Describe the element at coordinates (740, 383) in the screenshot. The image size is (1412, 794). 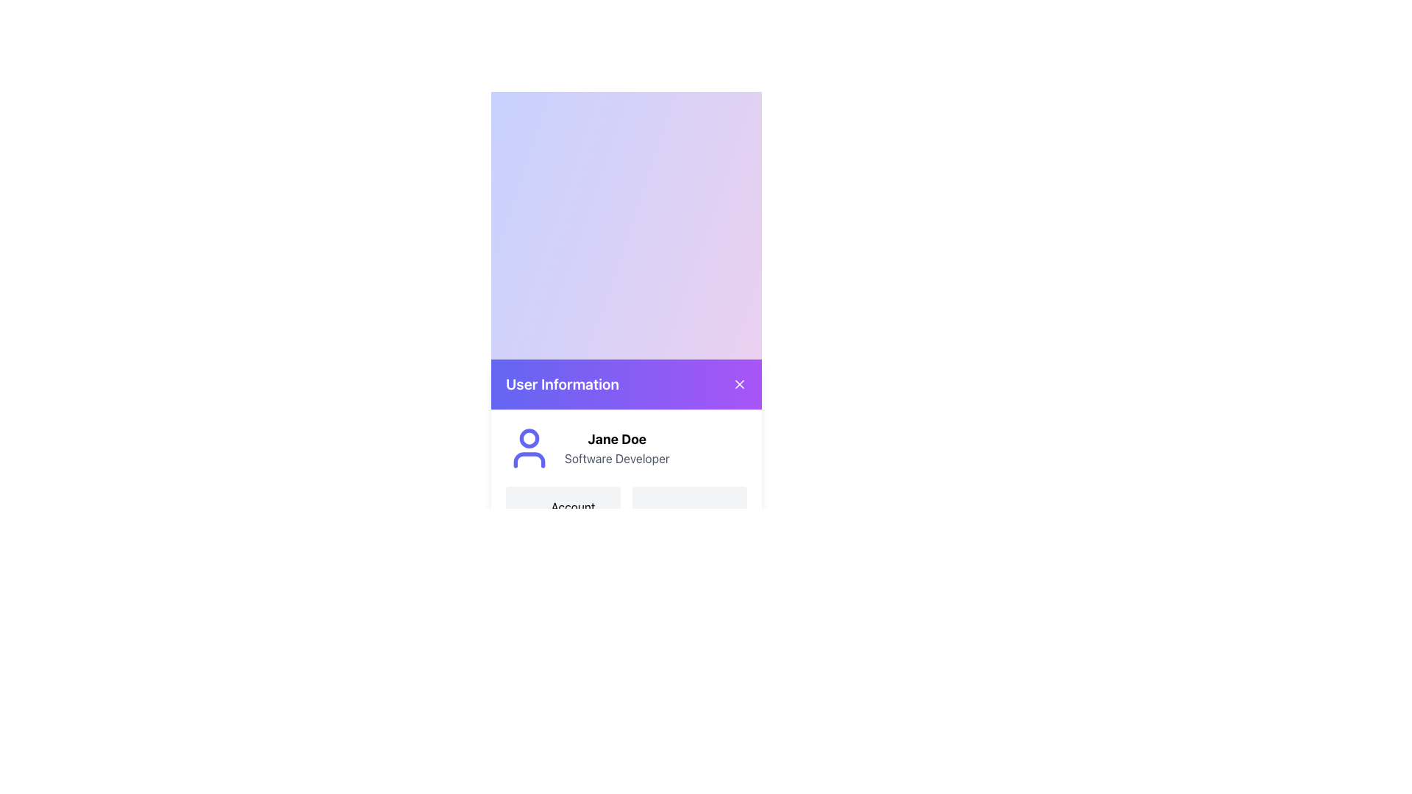
I see `the 'X' icon in the top right corner of the 'User Information' header bar` at that location.